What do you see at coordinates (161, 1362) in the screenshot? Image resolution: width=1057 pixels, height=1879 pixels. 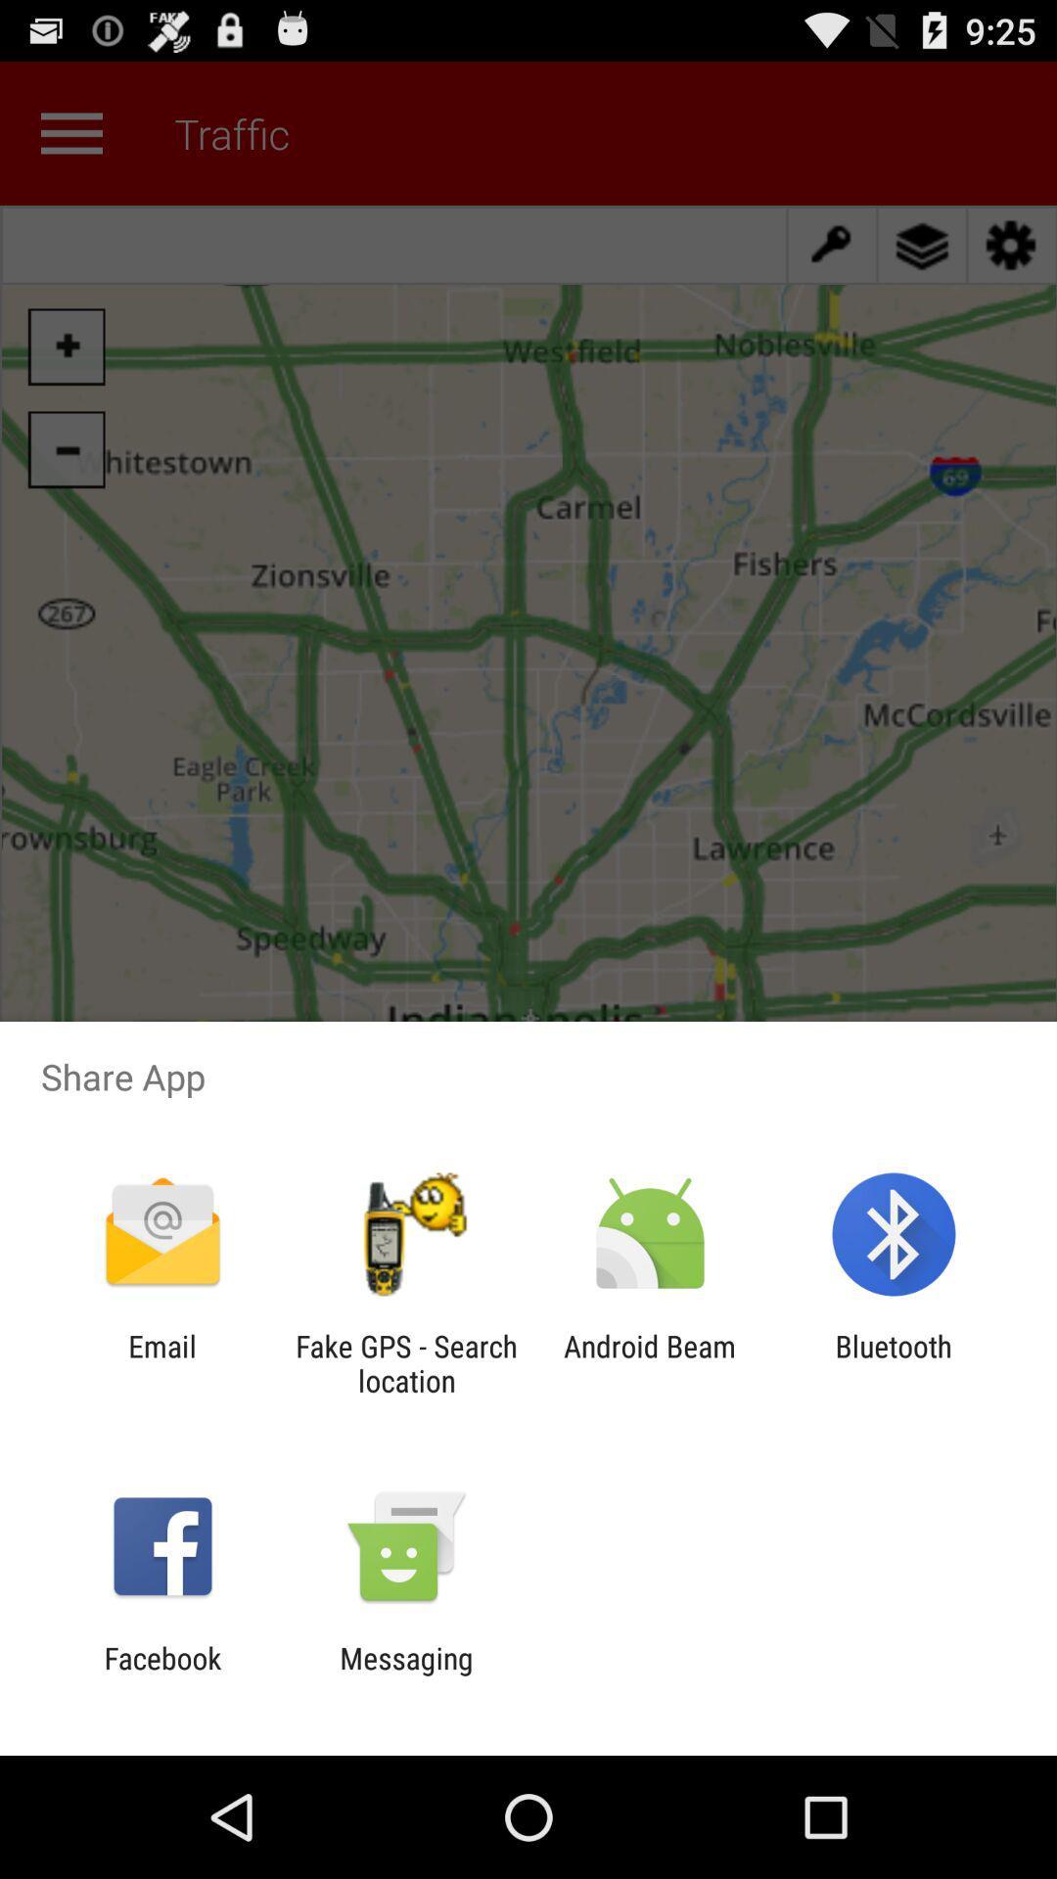 I see `icon to the left of the fake gps search icon` at bounding box center [161, 1362].